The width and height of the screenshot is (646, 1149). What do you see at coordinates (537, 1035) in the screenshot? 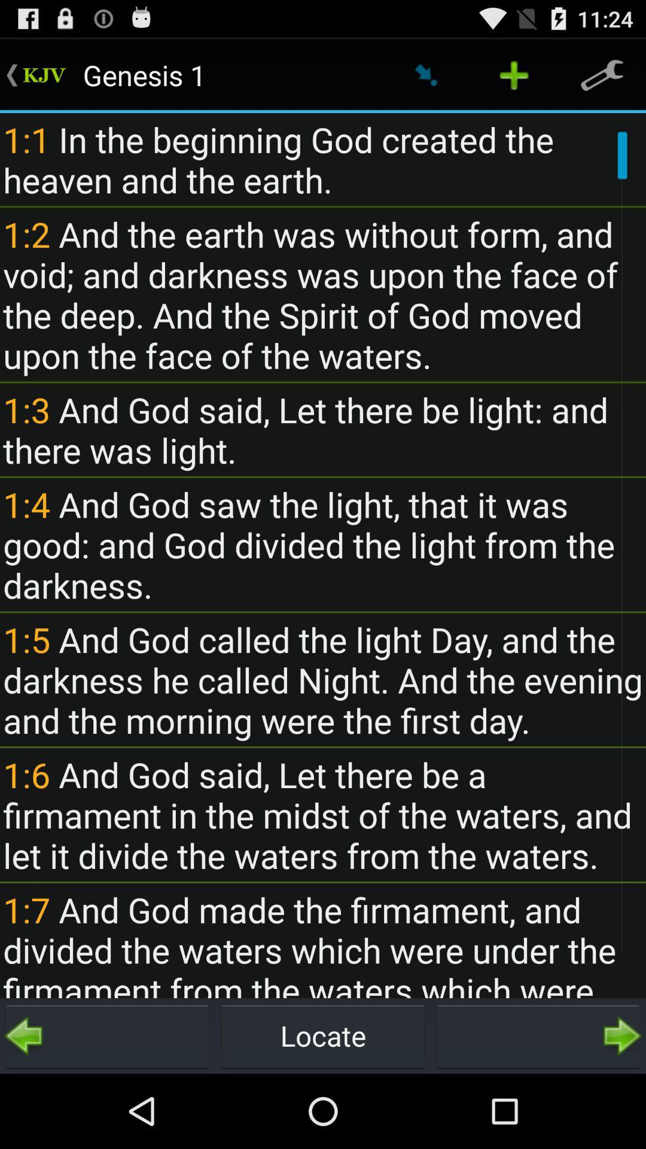
I see `see more passages` at bounding box center [537, 1035].